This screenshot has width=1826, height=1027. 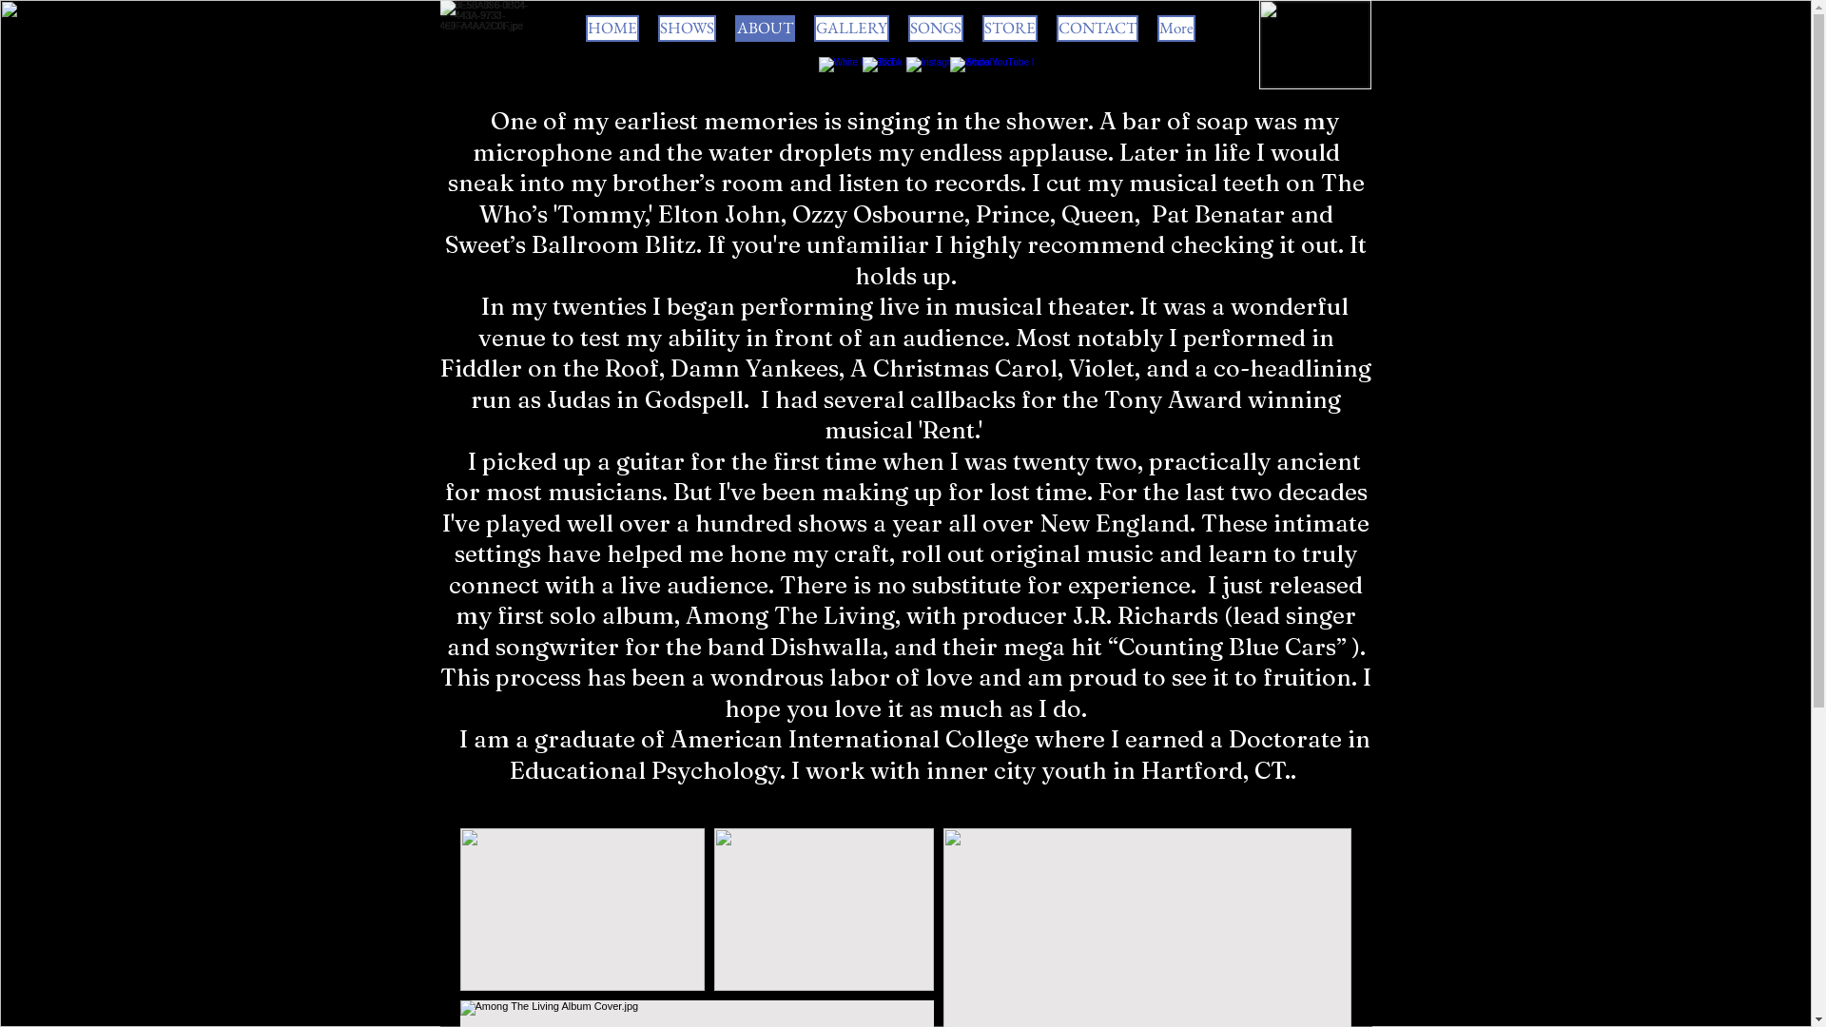 I want to click on 'CONTACT', so click(x=1097, y=29).